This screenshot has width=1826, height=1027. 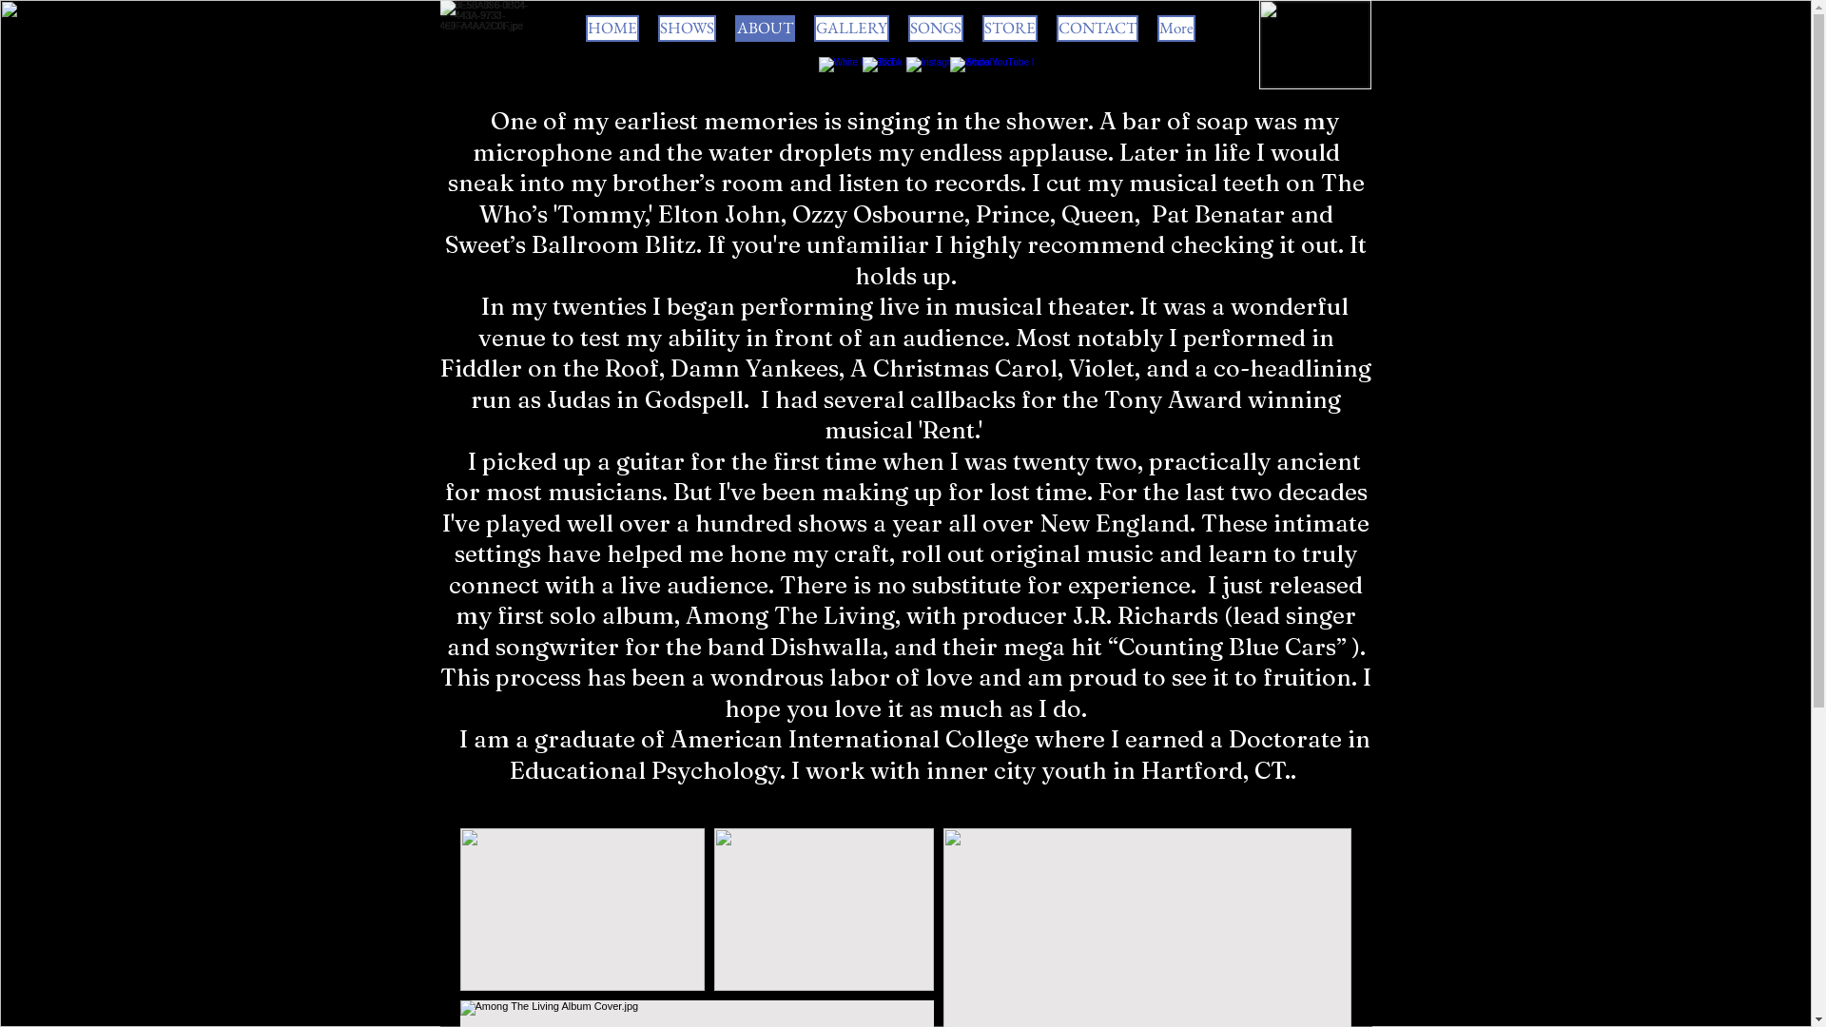 I want to click on 'CONTACT', so click(x=1097, y=29).